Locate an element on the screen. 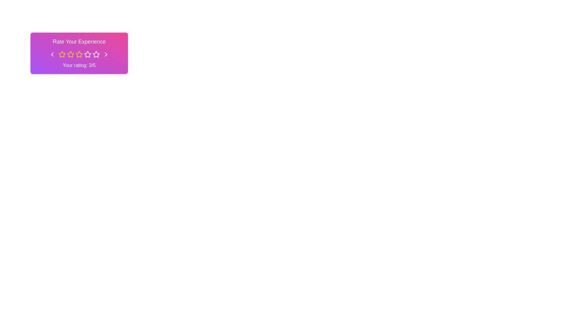 The height and width of the screenshot is (329, 585). the small right-pointing chevron arrow icon, which is the second navigational arrow in a row of interactive components, positioned to the right of the left-chevron arrow and adjacent to the rating stars is located at coordinates (106, 54).